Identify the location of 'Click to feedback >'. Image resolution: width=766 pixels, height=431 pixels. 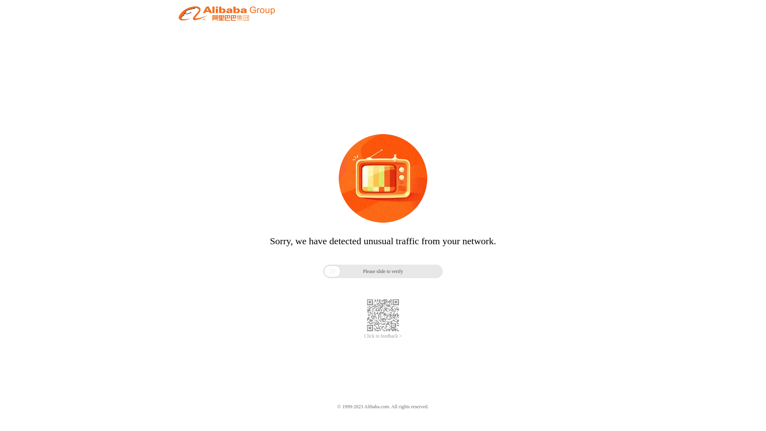
(383, 336).